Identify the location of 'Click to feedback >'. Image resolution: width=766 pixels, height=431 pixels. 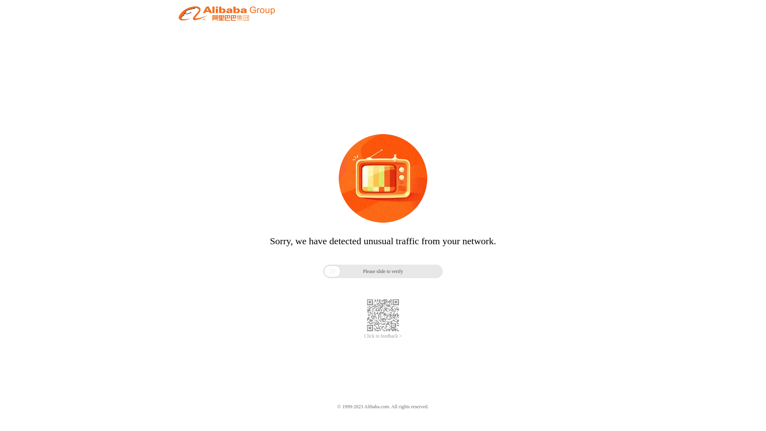
(383, 336).